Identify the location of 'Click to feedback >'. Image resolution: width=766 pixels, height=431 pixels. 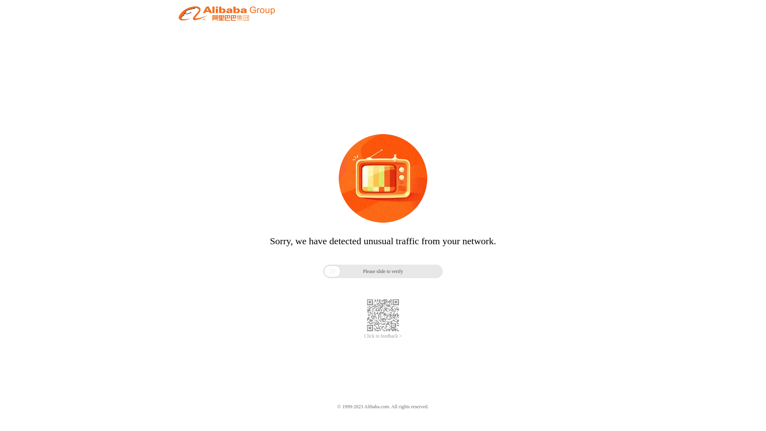
(383, 336).